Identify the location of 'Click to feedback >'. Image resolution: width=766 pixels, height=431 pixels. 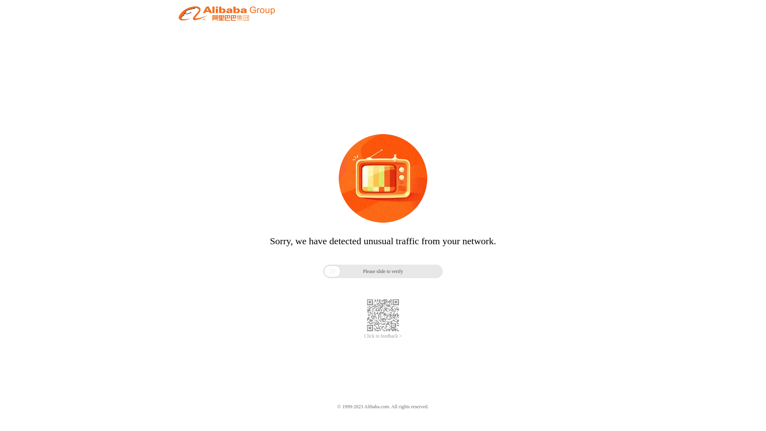
(383, 336).